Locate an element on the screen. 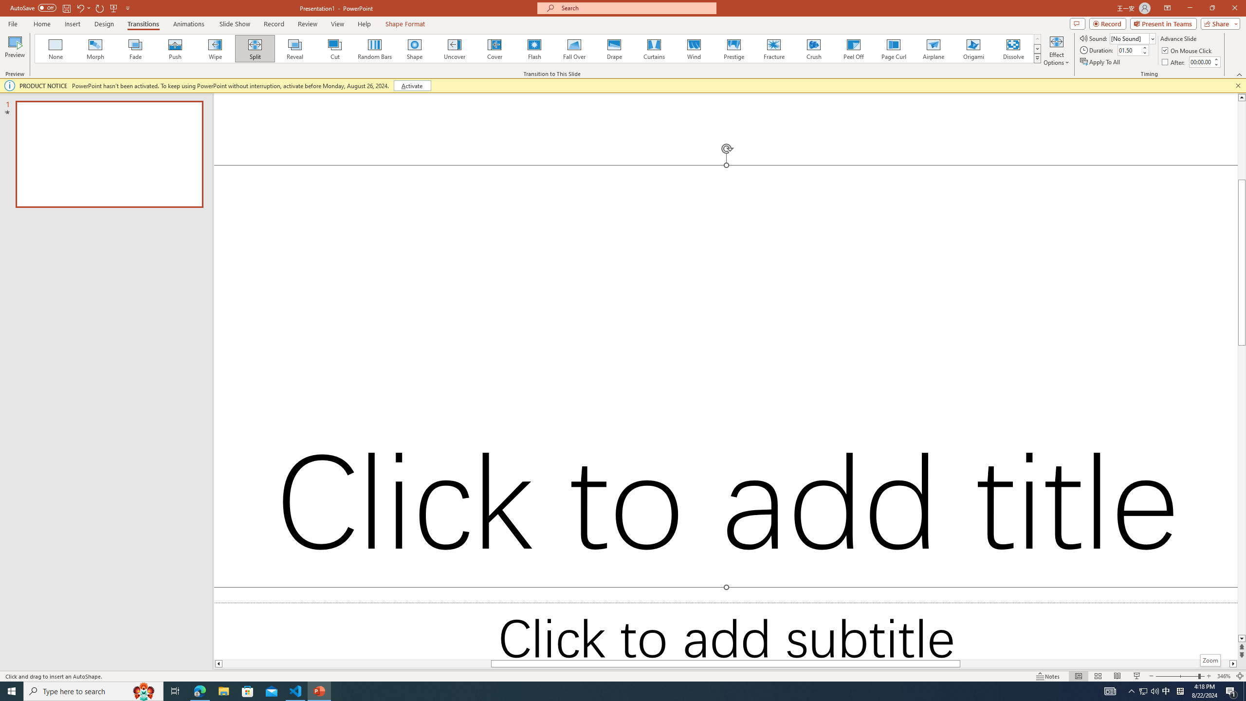 The width and height of the screenshot is (1246, 701). 'Crush' is located at coordinates (813, 48).